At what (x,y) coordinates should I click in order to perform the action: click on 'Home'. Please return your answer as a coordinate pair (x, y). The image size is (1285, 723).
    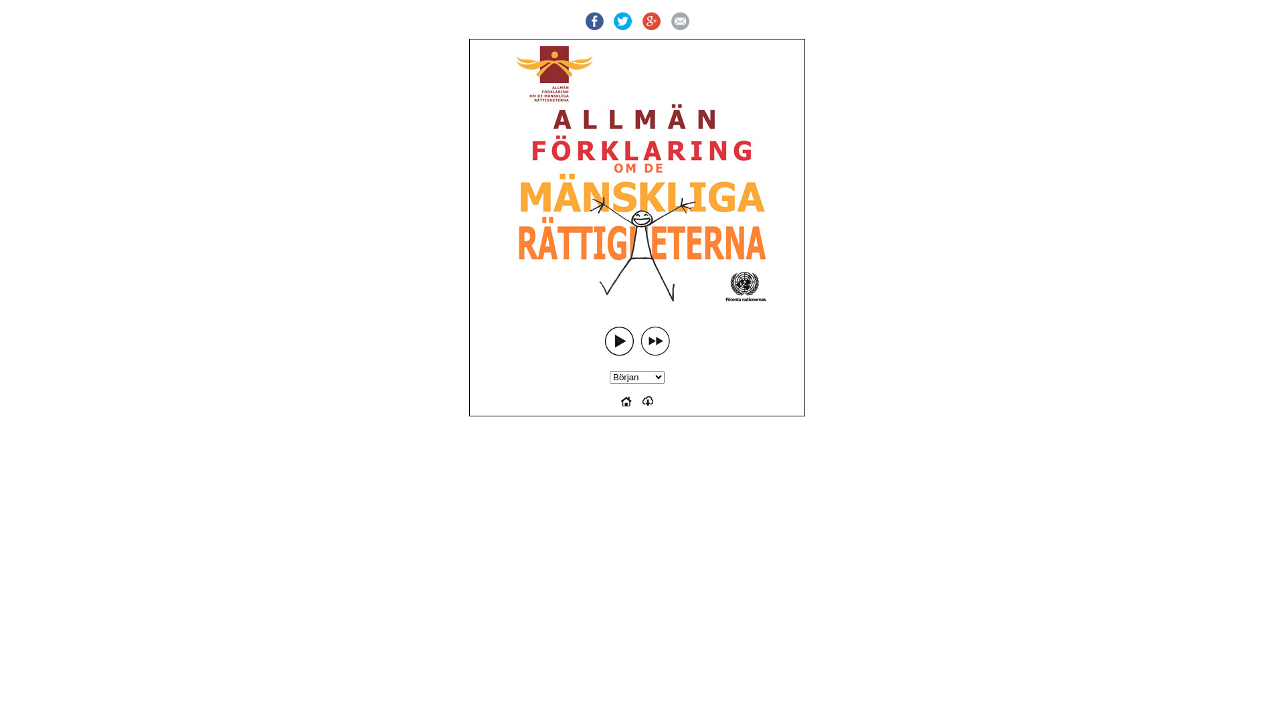
    Looking at the image, I should click on (626, 402).